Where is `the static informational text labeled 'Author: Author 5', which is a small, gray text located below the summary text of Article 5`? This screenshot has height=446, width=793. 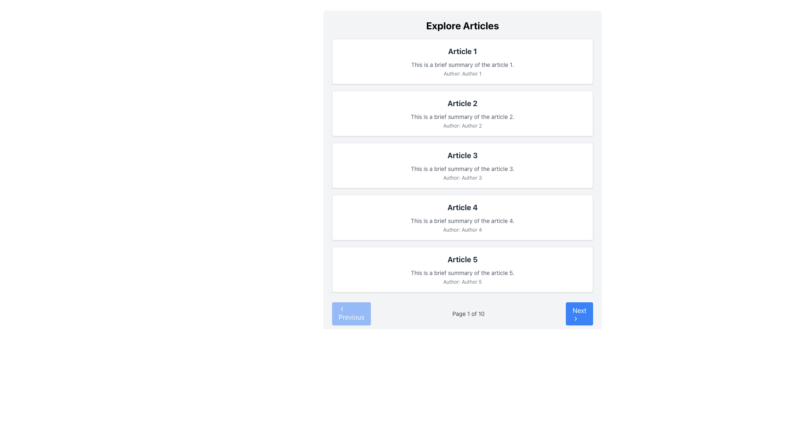
the static informational text labeled 'Author: Author 5', which is a small, gray text located below the summary text of Article 5 is located at coordinates (462, 281).